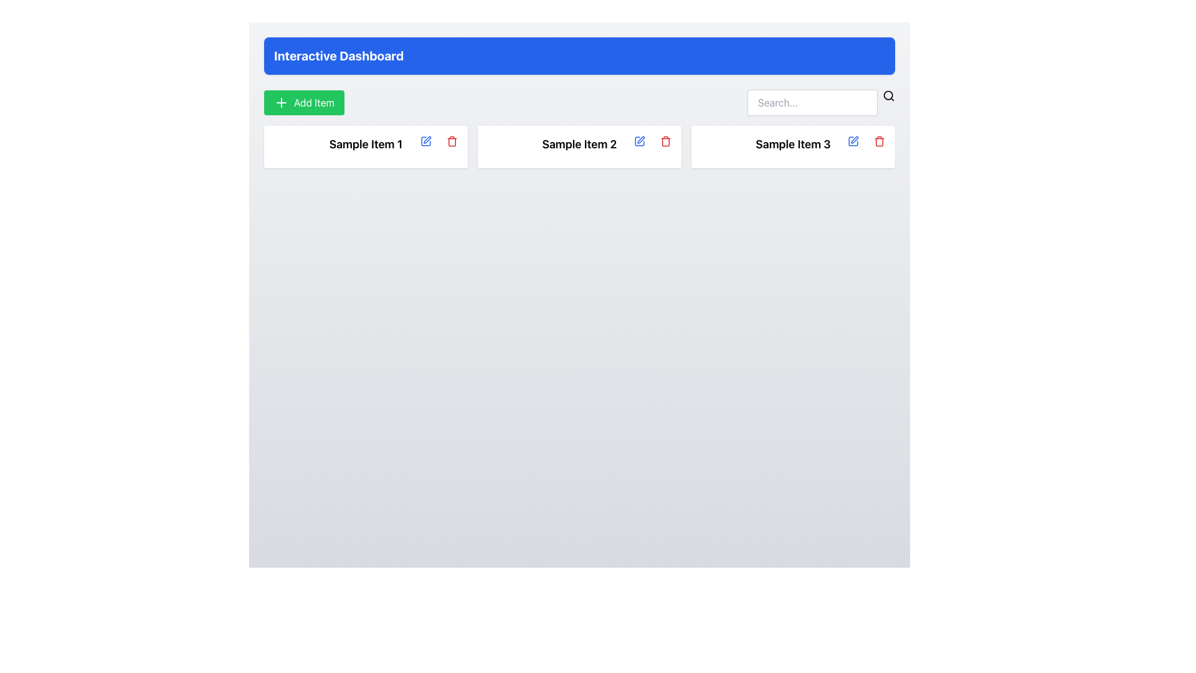 This screenshot has height=673, width=1196. Describe the element at coordinates (852, 141) in the screenshot. I see `the edit icon button for 'Sample Item 3', which is located in the top-right corner of its card, preceding the trash icon` at that location.